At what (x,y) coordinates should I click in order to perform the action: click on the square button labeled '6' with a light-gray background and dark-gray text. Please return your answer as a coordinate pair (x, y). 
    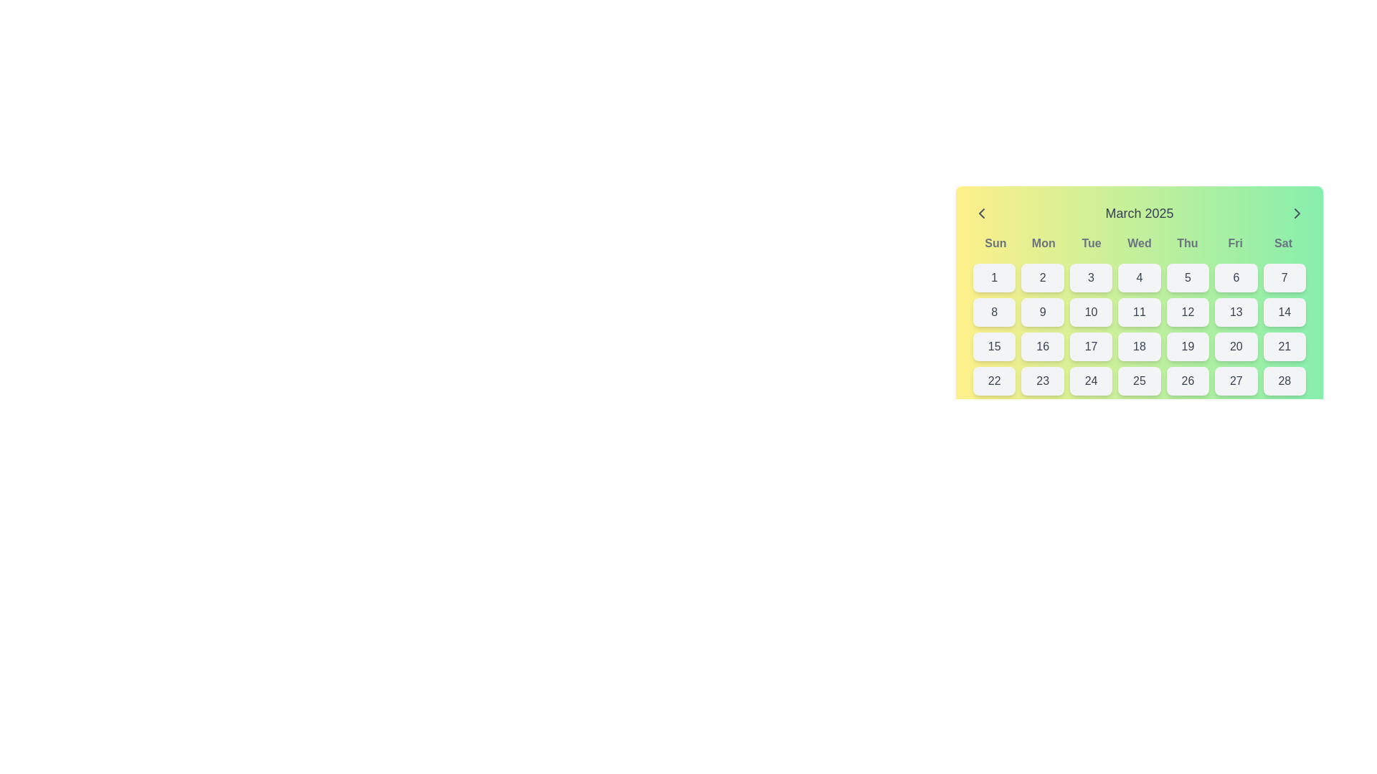
    Looking at the image, I should click on (1235, 278).